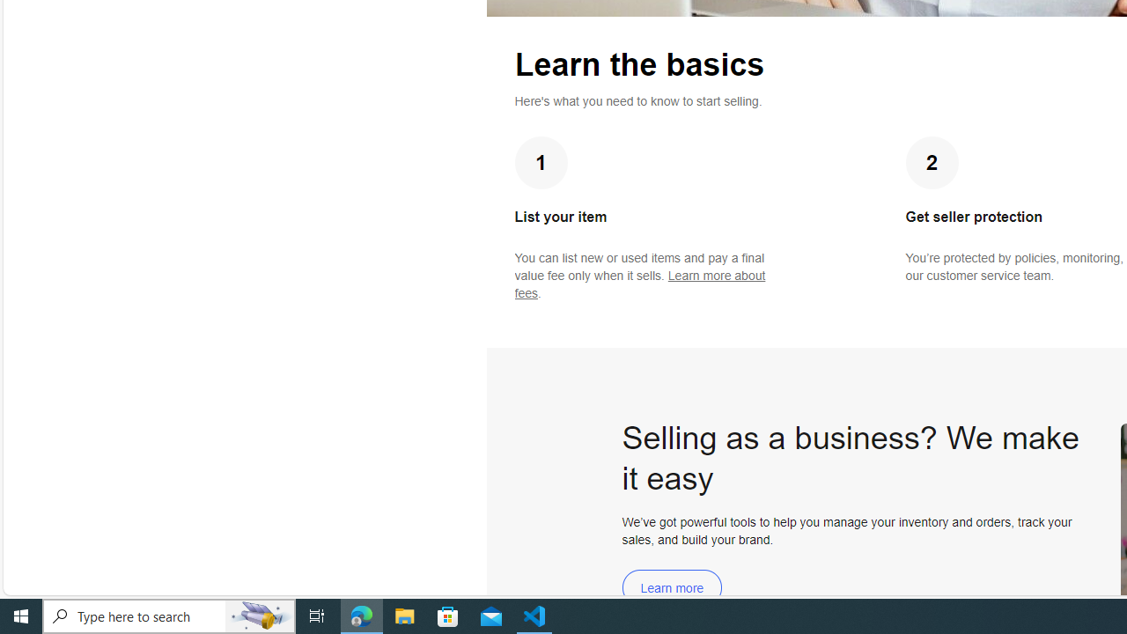 The image size is (1127, 634). Describe the element at coordinates (671, 587) in the screenshot. I see `'Learn more'` at that location.